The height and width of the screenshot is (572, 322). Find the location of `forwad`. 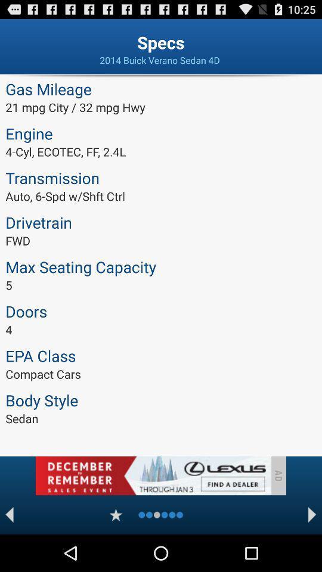

forwad is located at coordinates (312, 514).